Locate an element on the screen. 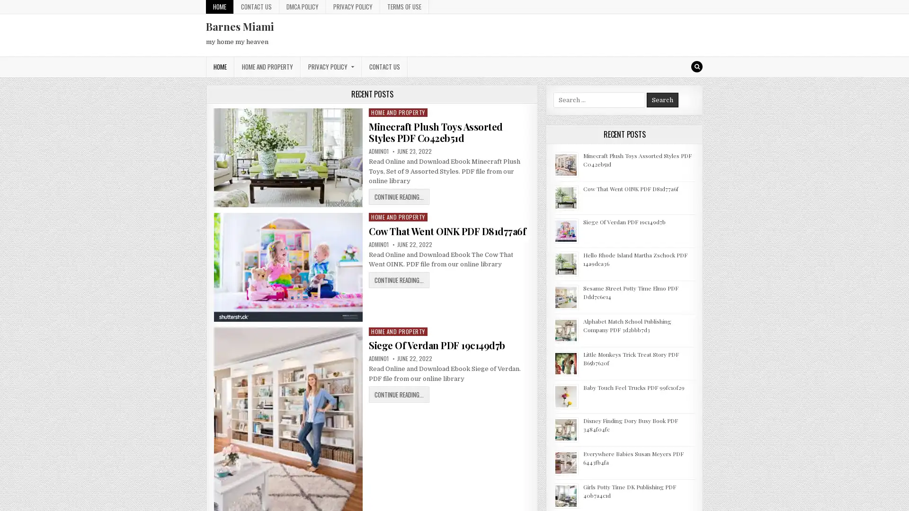 The width and height of the screenshot is (909, 511). Search is located at coordinates (662, 100).